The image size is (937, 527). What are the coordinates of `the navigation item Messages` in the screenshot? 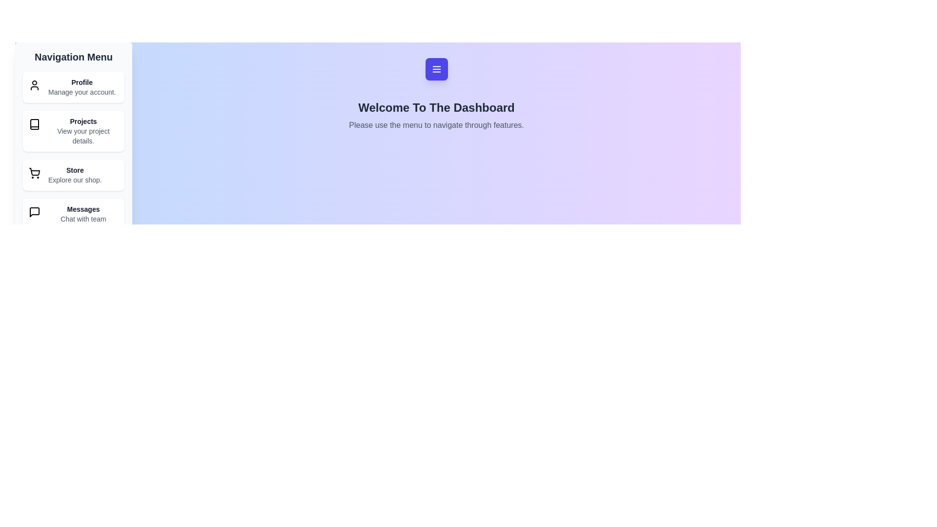 It's located at (73, 218).